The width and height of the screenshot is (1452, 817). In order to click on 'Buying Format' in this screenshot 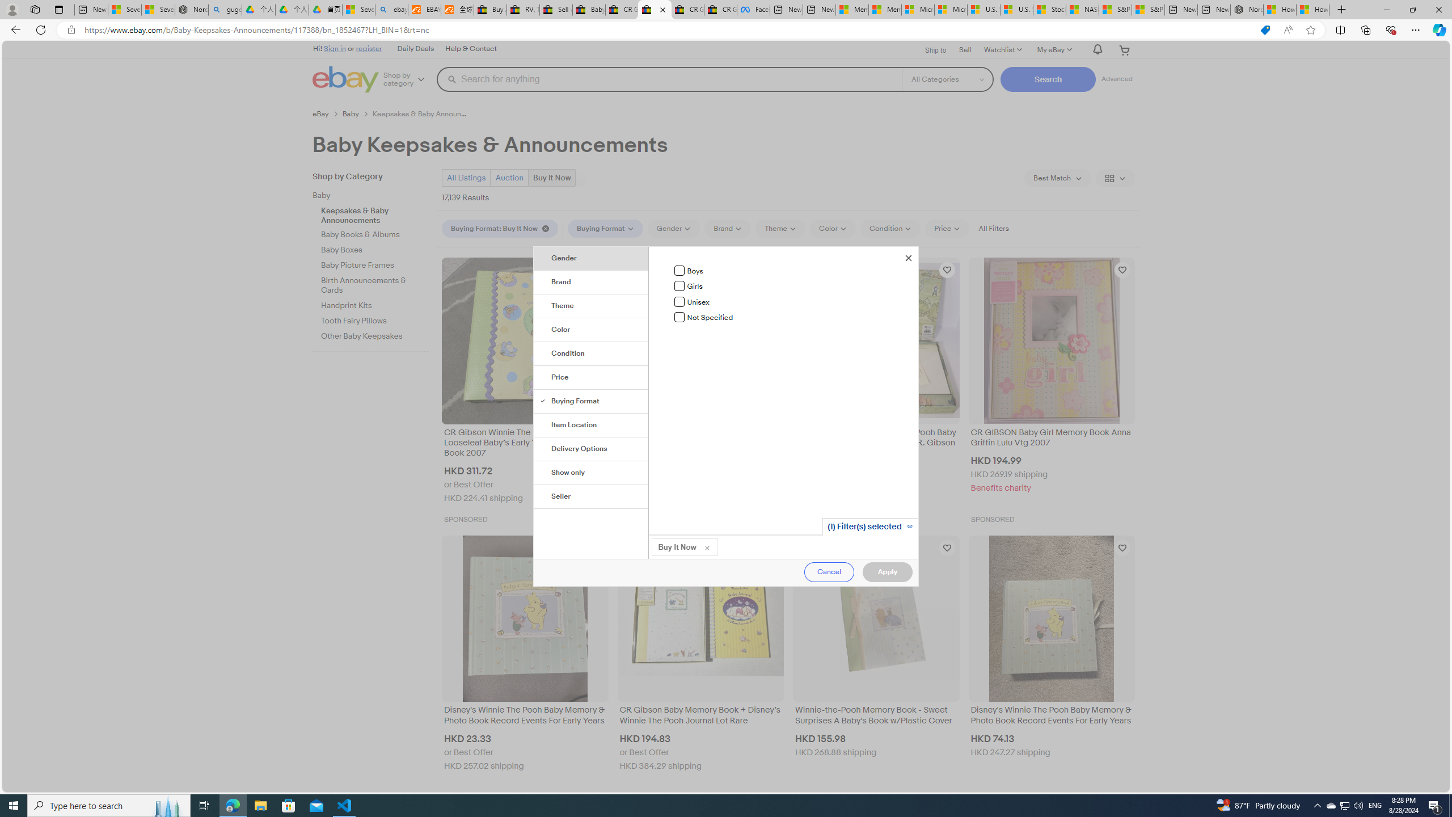, I will do `click(592, 401)`.